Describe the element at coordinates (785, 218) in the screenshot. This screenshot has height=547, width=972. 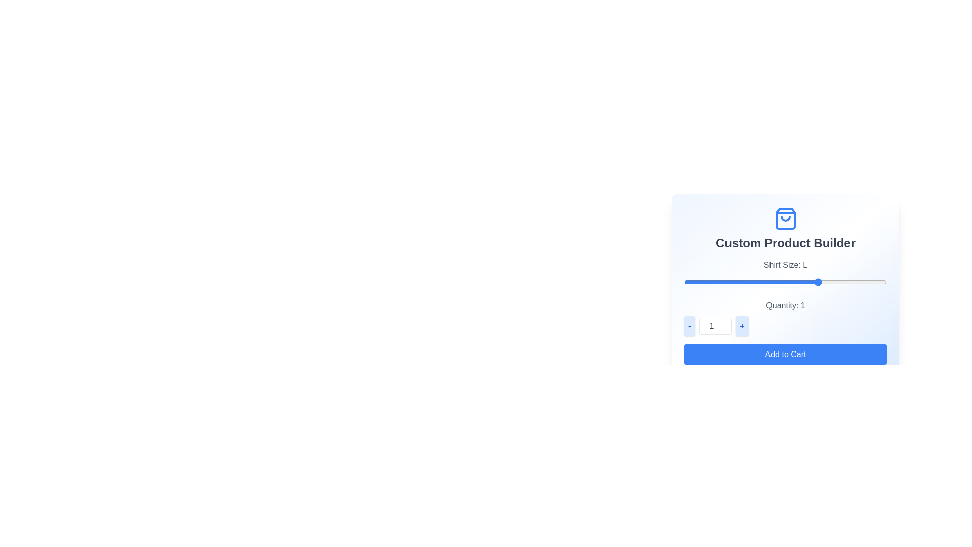
I see `the topmost visual part of the shopping bag icon within the SVG component, which is located above the 'Custom Product Builder' heading` at that location.